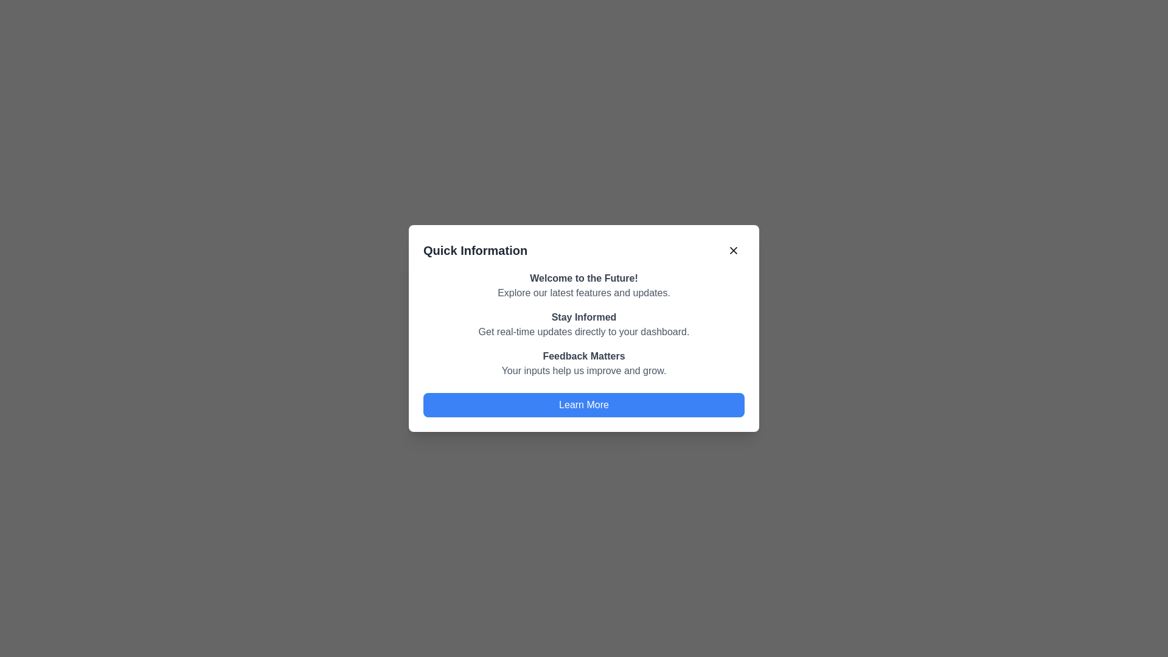  Describe the element at coordinates (584, 324) in the screenshot. I see `the text block that informs users about receiving real-time updates, which is centrally placed under the 'Quick Information' dialog` at that location.